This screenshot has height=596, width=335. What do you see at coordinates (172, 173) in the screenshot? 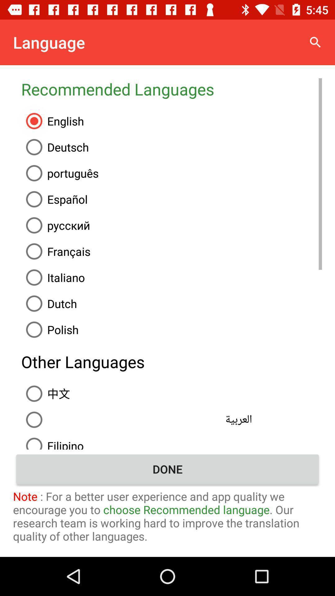
I see `the icon below the deutsch` at bounding box center [172, 173].